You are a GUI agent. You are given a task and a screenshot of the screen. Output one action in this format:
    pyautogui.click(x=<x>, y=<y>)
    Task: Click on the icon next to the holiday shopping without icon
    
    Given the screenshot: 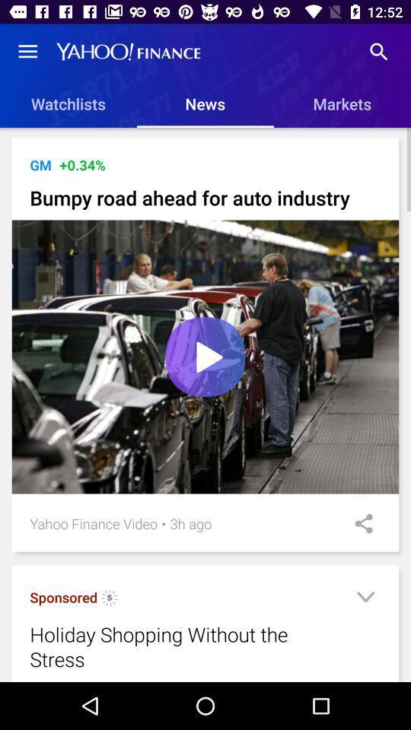 What is the action you would take?
    pyautogui.click(x=365, y=599)
    